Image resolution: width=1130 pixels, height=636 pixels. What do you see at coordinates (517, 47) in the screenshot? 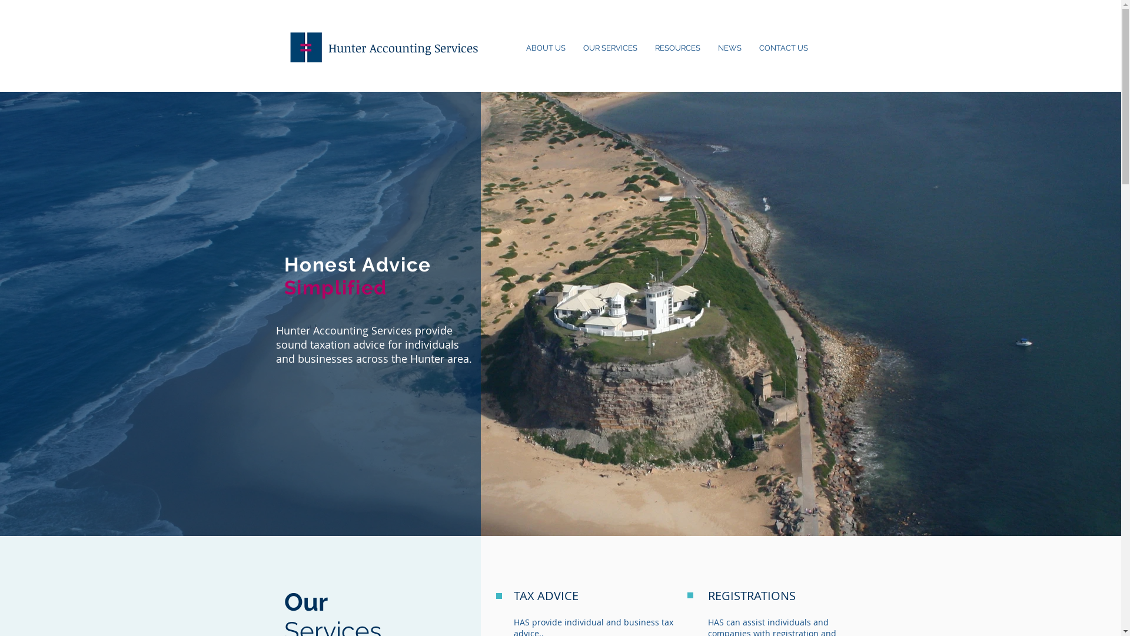
I see `'ABOUT US'` at bounding box center [517, 47].